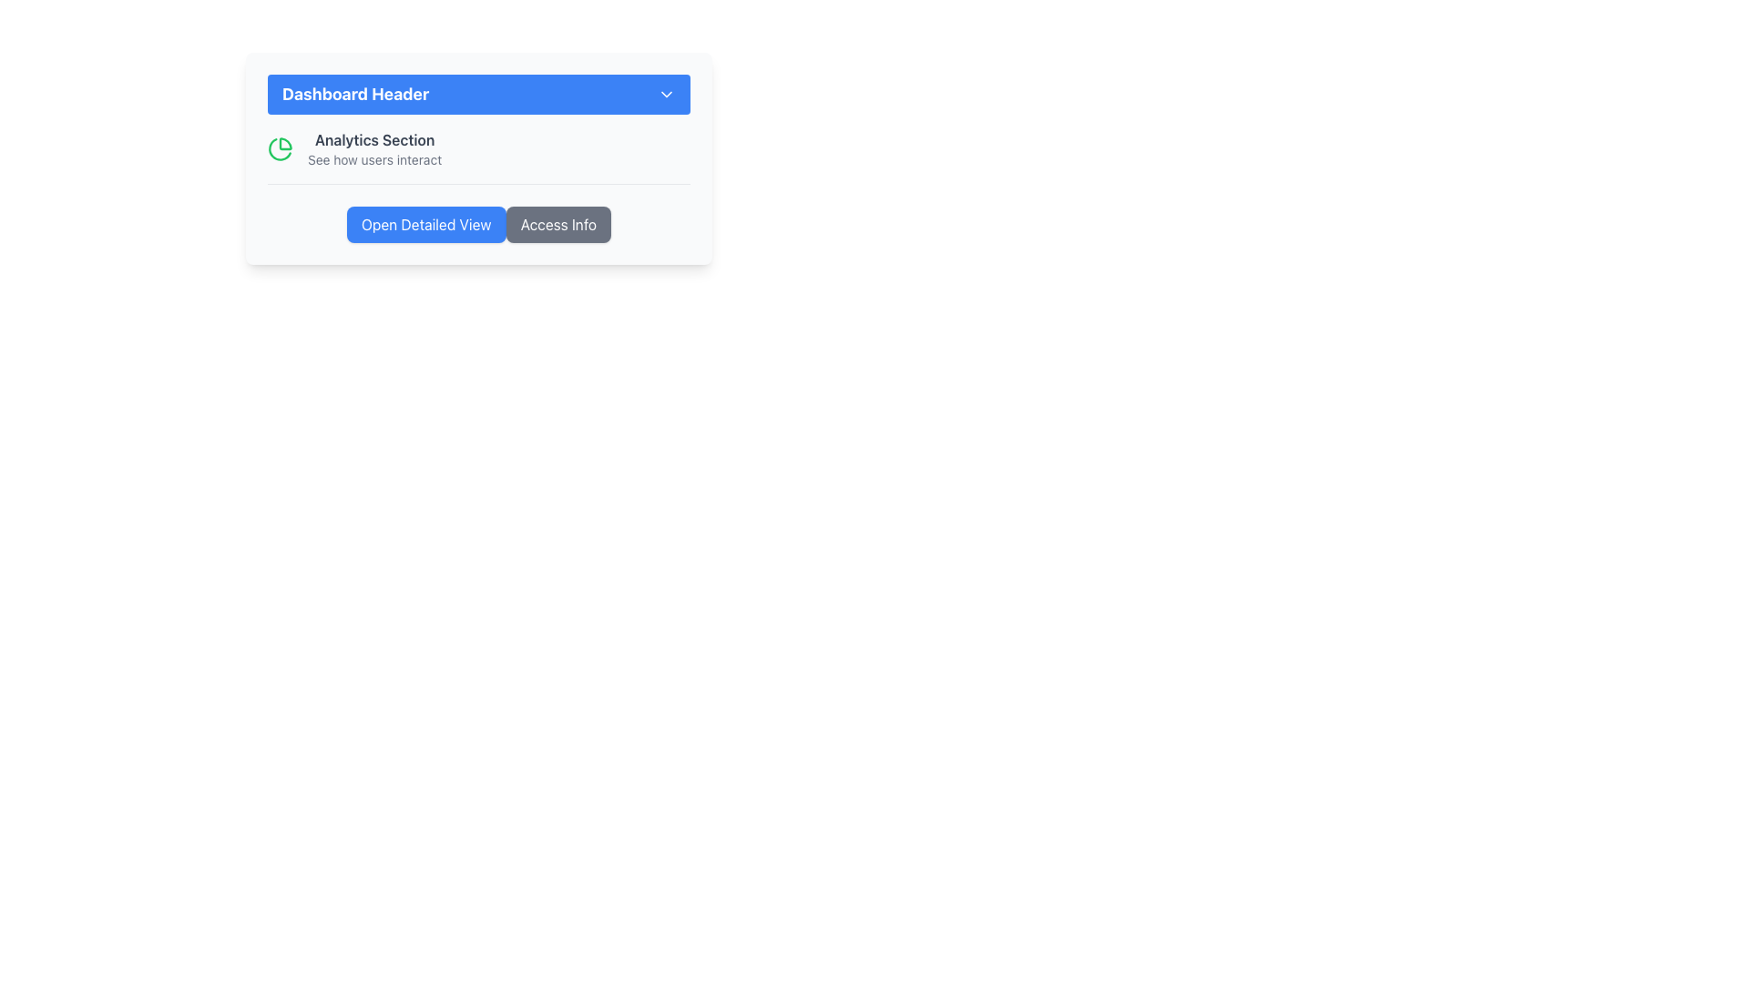  Describe the element at coordinates (279, 148) in the screenshot. I see `the pie chart icon with a green stroke located to the left of the 'Analytics Section' title` at that location.